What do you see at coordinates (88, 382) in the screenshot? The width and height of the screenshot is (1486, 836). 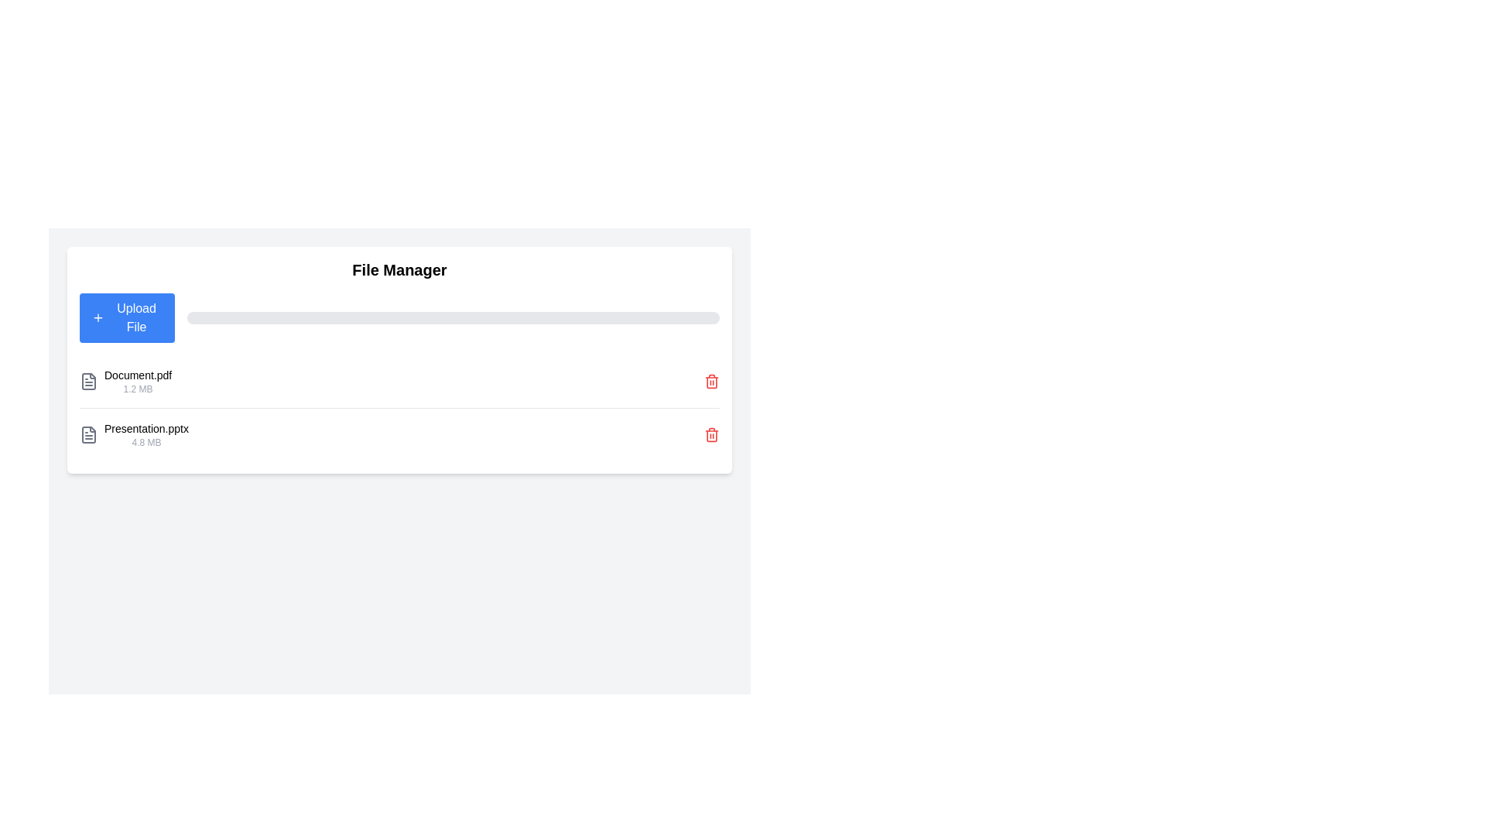 I see `the document shape element of the file icon, which features a rectangular outline with a slight inward fold, located within an SVG component` at bounding box center [88, 382].